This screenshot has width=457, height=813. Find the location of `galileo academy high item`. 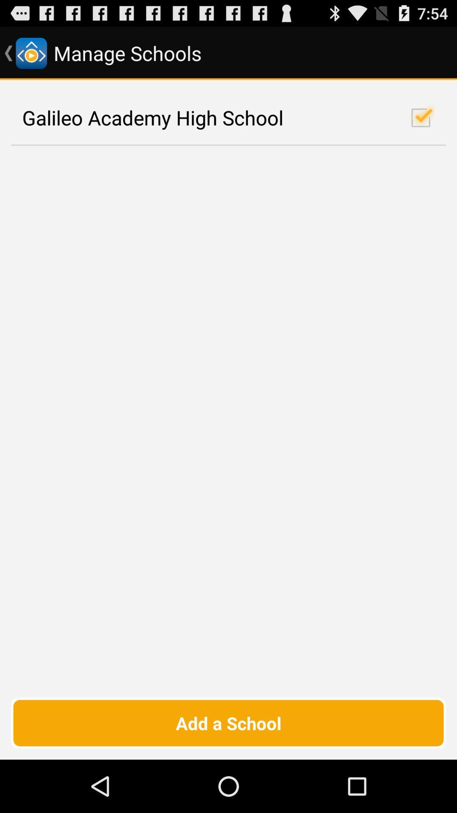

galileo academy high item is located at coordinates (228, 117).